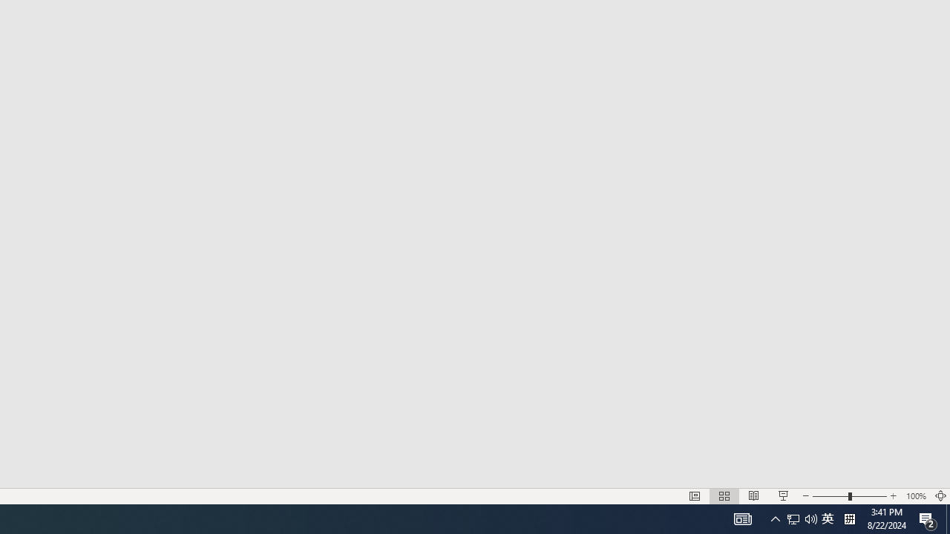 The height and width of the screenshot is (534, 950). Describe the element at coordinates (893, 496) in the screenshot. I see `'Zoom In'` at that location.